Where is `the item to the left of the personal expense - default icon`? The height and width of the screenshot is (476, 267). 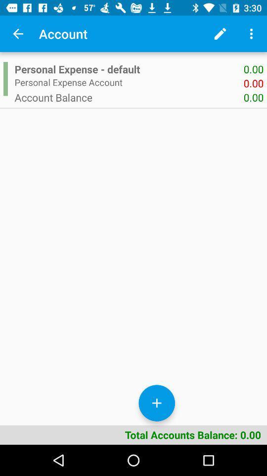 the item to the left of the personal expense - default icon is located at coordinates (5, 78).